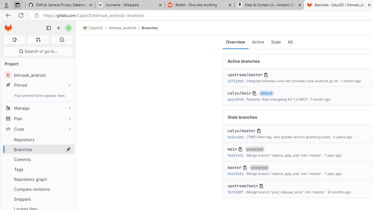 The image size is (373, 210). Describe the element at coordinates (38, 129) in the screenshot. I see `'Code'` at that location.